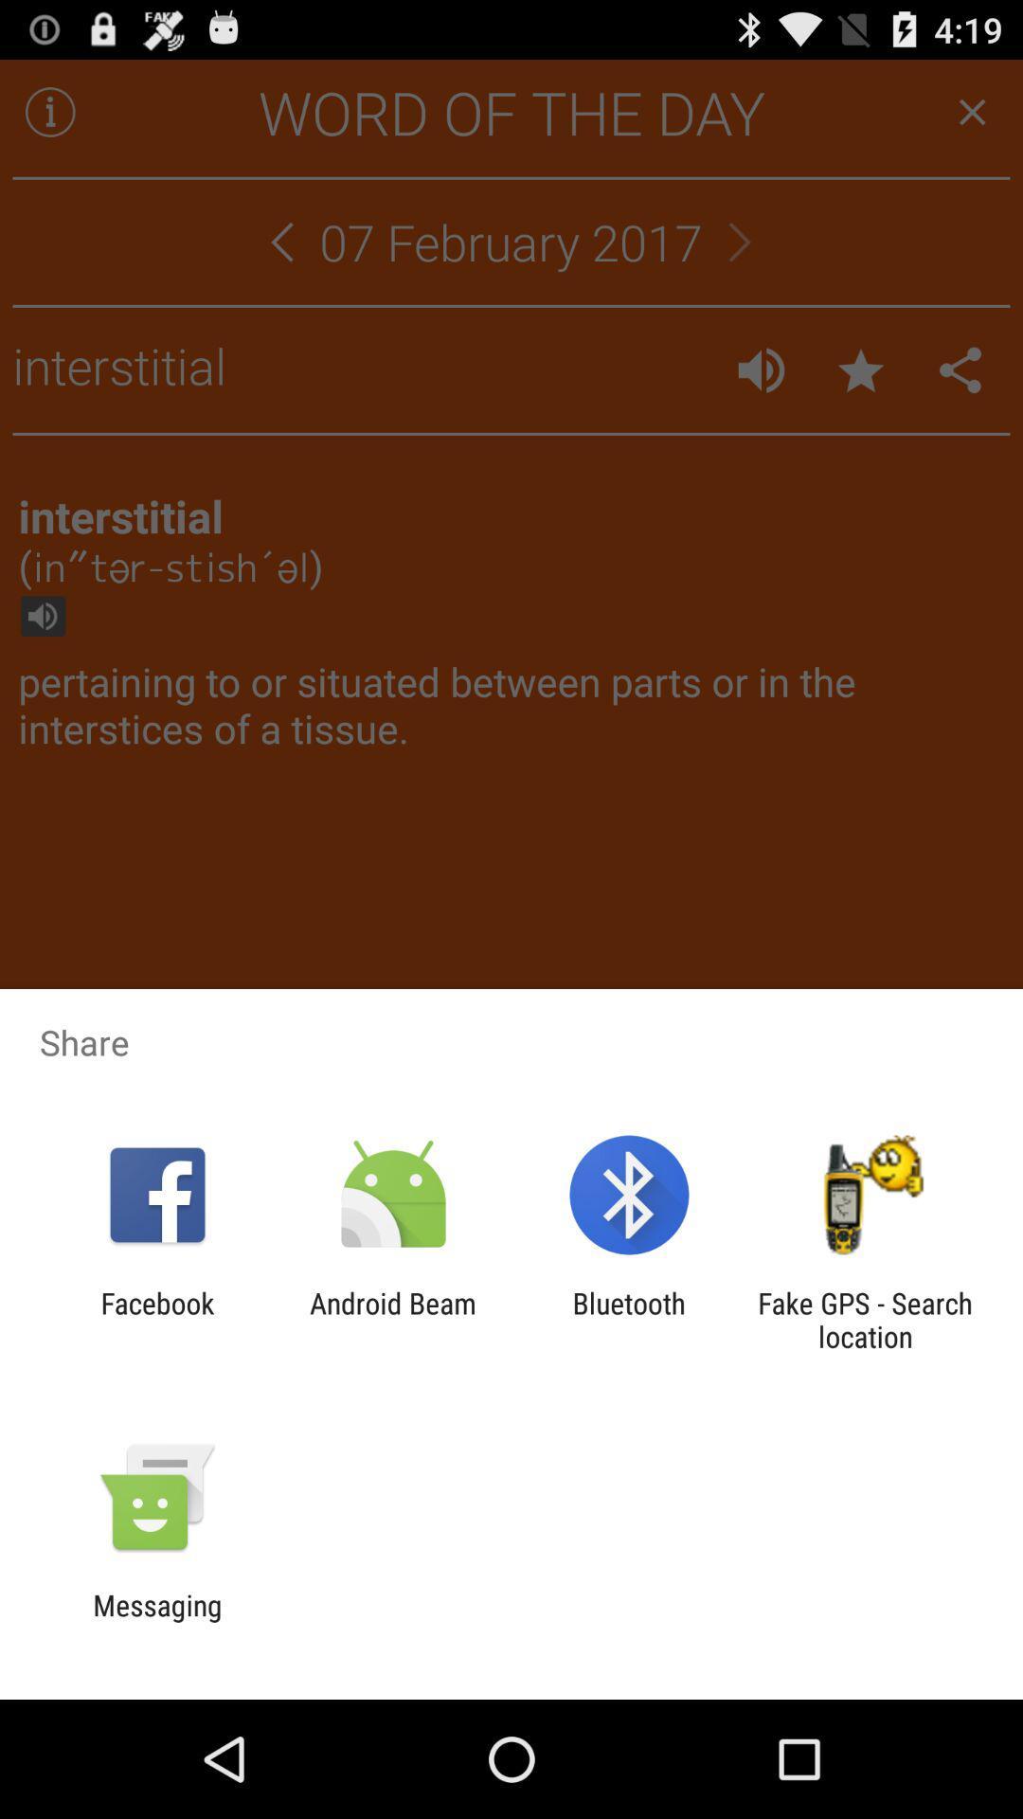  Describe the element at coordinates (156, 1319) in the screenshot. I see `the item next to android beam item` at that location.